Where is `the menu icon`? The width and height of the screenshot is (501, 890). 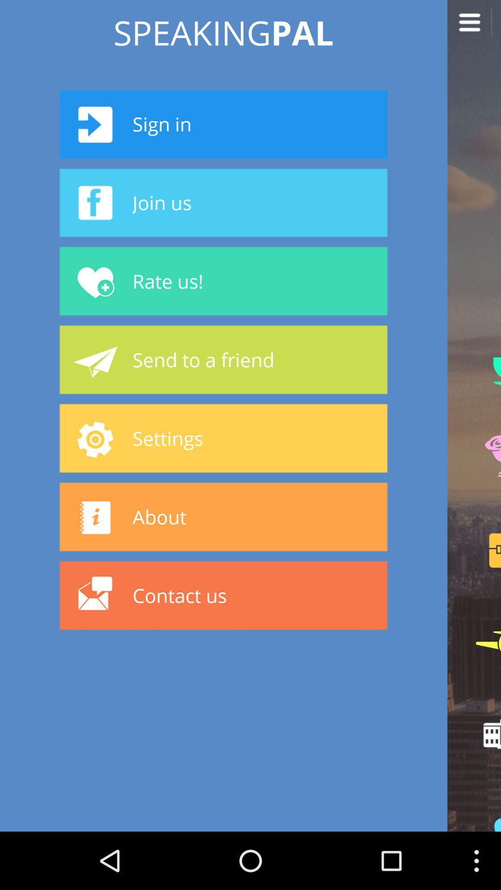
the menu icon is located at coordinates (474, 28).